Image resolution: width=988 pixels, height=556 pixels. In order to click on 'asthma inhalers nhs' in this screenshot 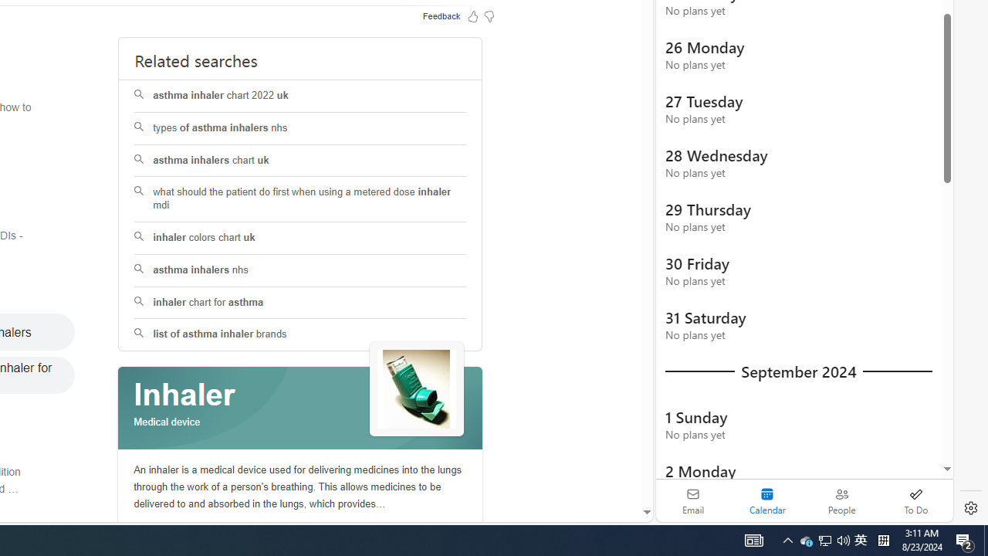, I will do `click(300, 270)`.